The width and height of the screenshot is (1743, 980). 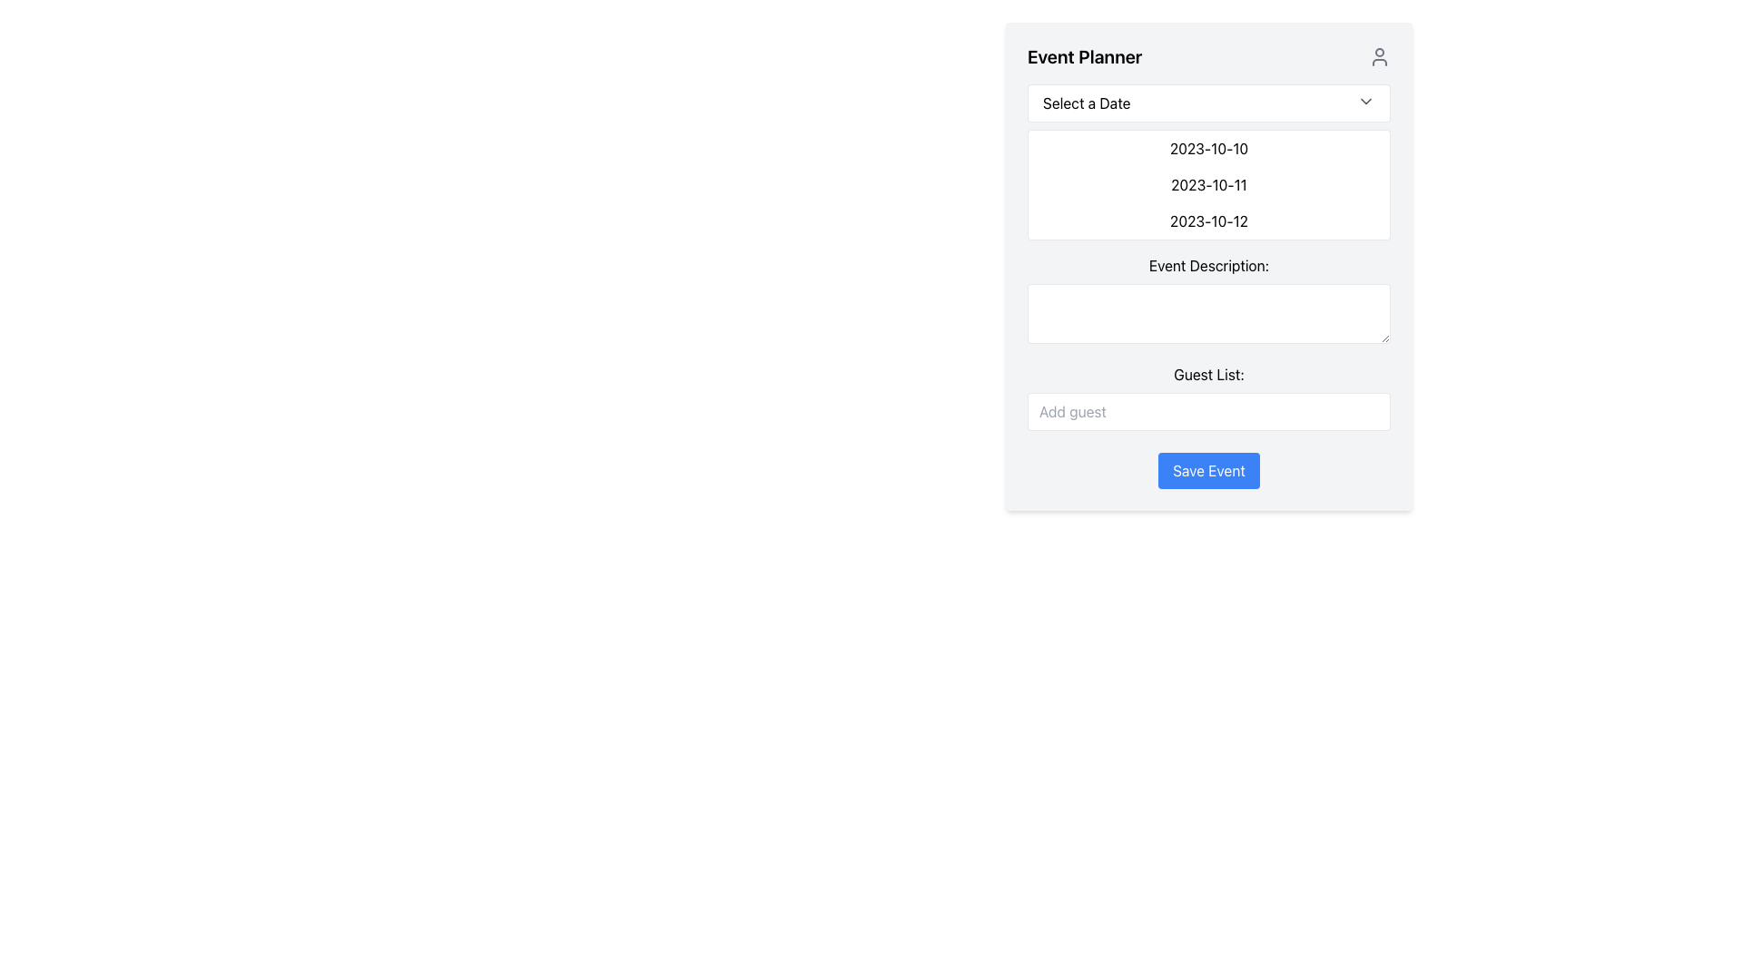 I want to click on the date options in the Dropdown selection list located below the 'Select a Date' dropdown field in the 'Event Planner' form, so click(x=1208, y=185).